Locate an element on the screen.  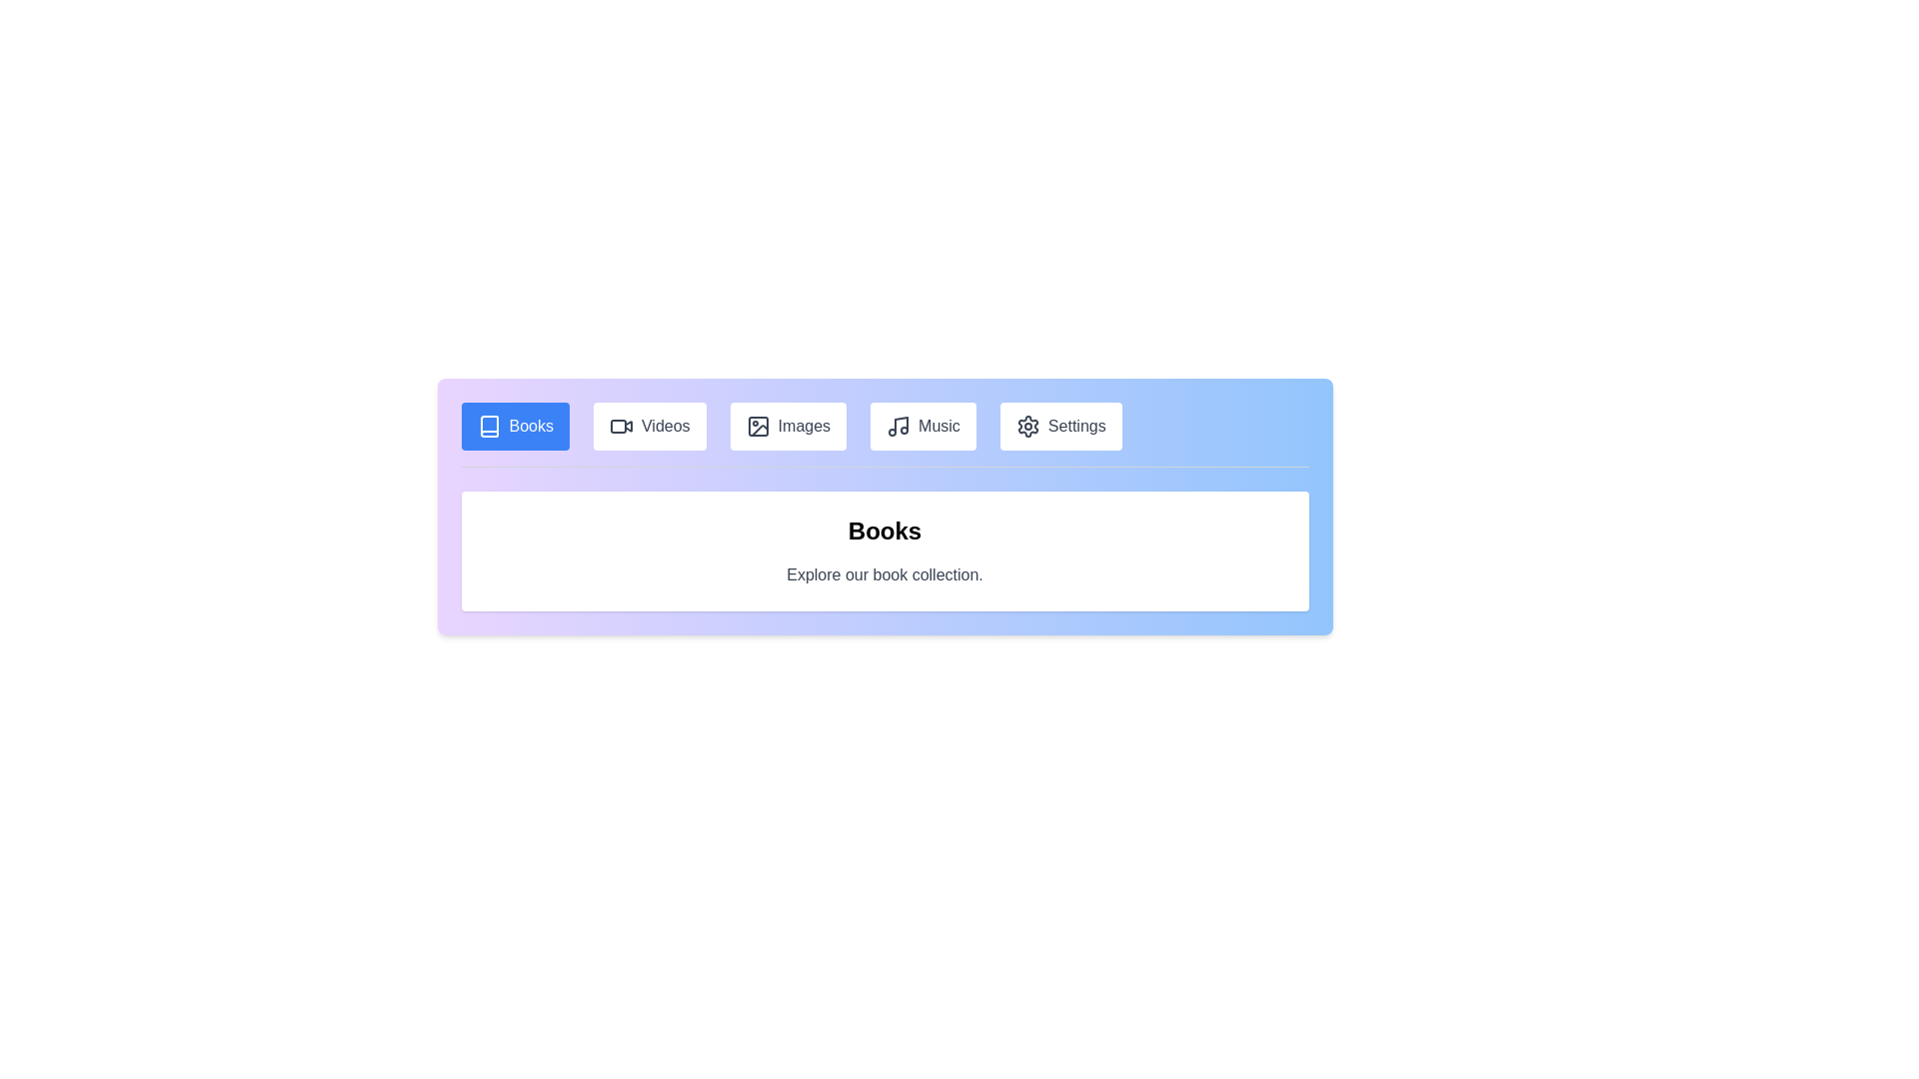
the description text 'Explore our book collection.' is located at coordinates (884, 574).